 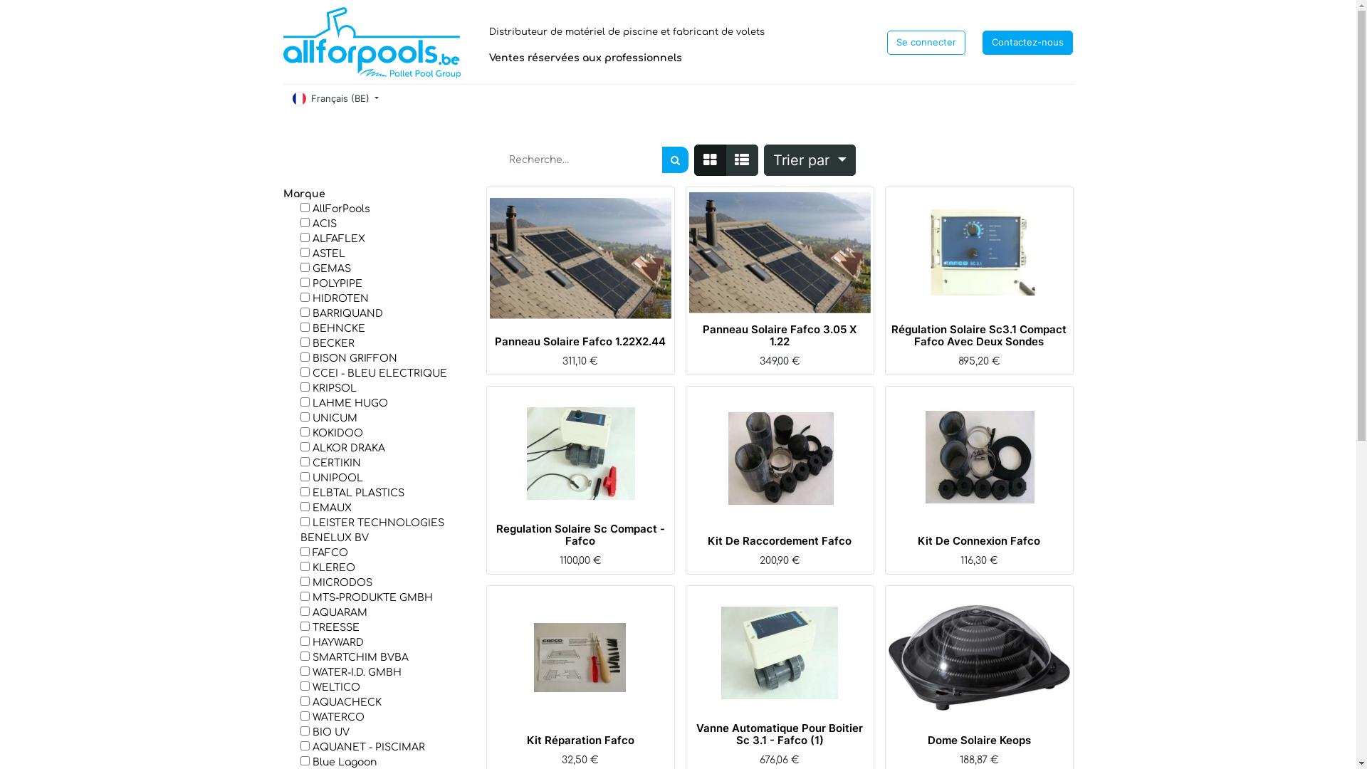 I want to click on 'Contactez-nous', so click(x=1027, y=42).